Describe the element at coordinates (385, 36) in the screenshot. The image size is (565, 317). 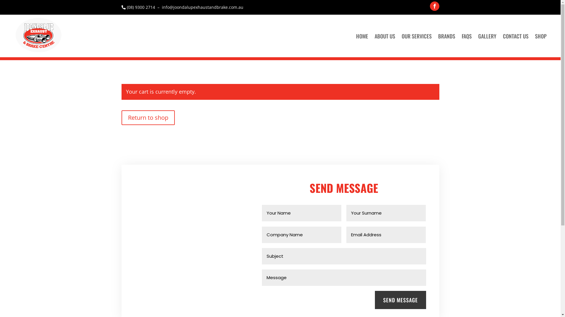
I see `'ABOUT US'` at that location.